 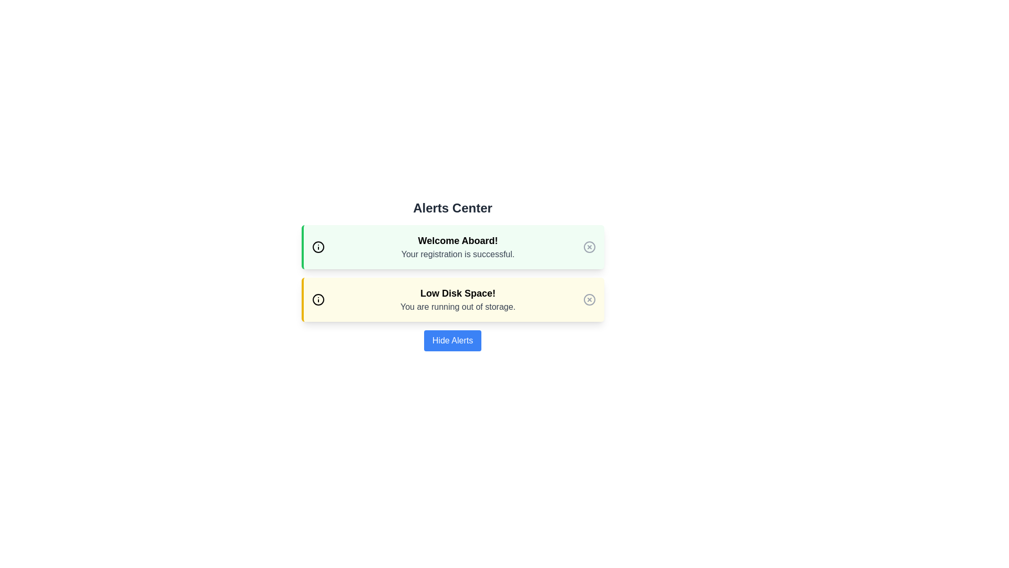 What do you see at coordinates (458, 307) in the screenshot?
I see `the text element displaying the message 'You are running out of storage.' which is styled in gray and positioned below the title 'Low Disk Space!'` at bounding box center [458, 307].